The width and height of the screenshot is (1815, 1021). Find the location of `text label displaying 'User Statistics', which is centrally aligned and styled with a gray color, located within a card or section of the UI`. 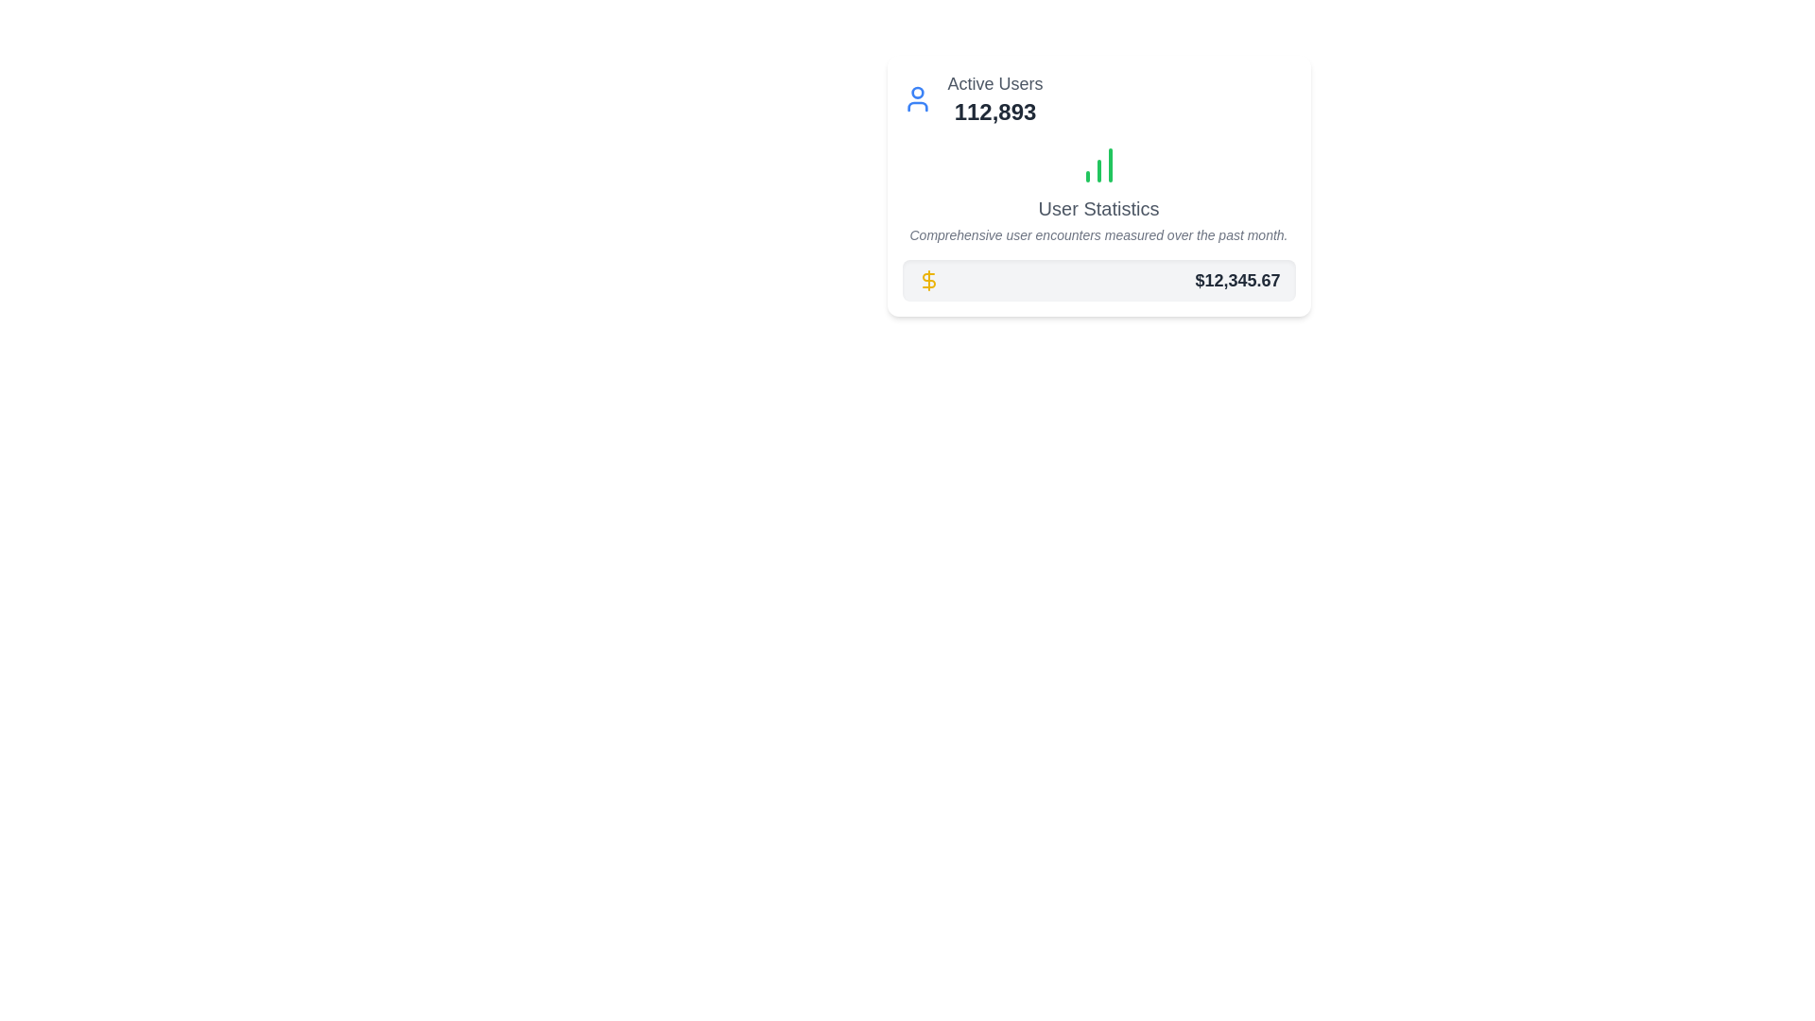

text label displaying 'User Statistics', which is centrally aligned and styled with a gray color, located within a card or section of the UI is located at coordinates (1098, 208).